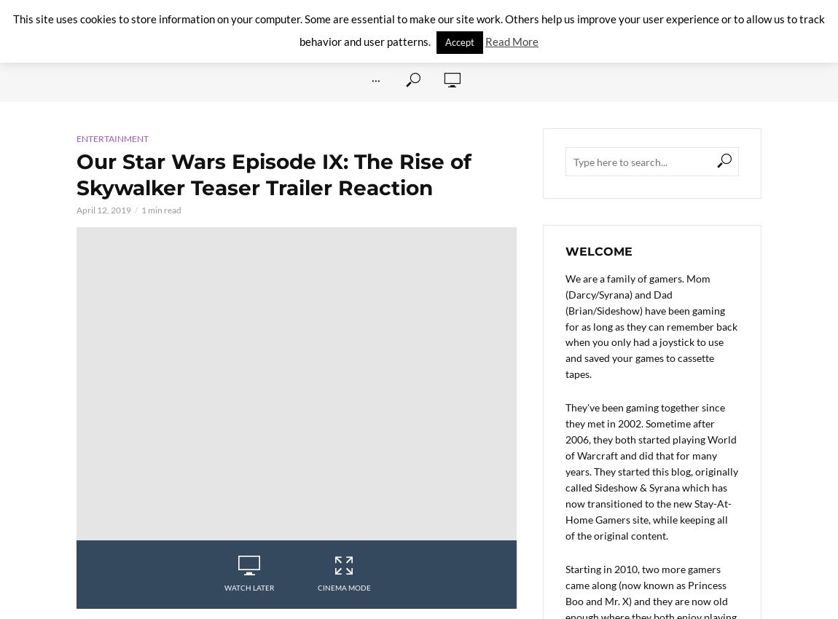 Image resolution: width=838 pixels, height=619 pixels. What do you see at coordinates (444, 42) in the screenshot?
I see `'Accept'` at bounding box center [444, 42].